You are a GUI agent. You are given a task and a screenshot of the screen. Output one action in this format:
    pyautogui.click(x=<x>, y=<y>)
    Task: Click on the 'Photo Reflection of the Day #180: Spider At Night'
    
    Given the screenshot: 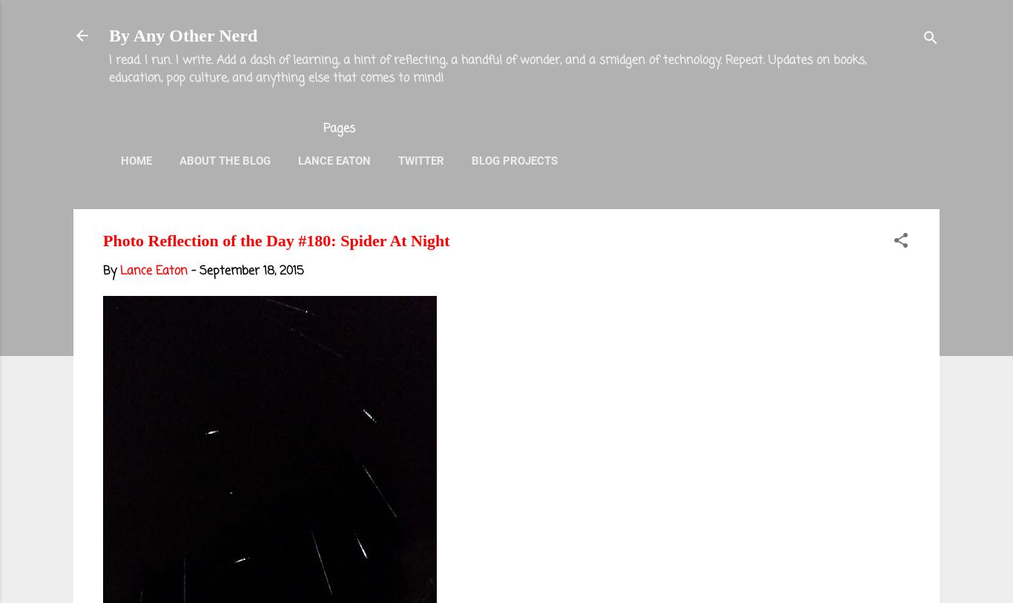 What is the action you would take?
    pyautogui.click(x=275, y=240)
    